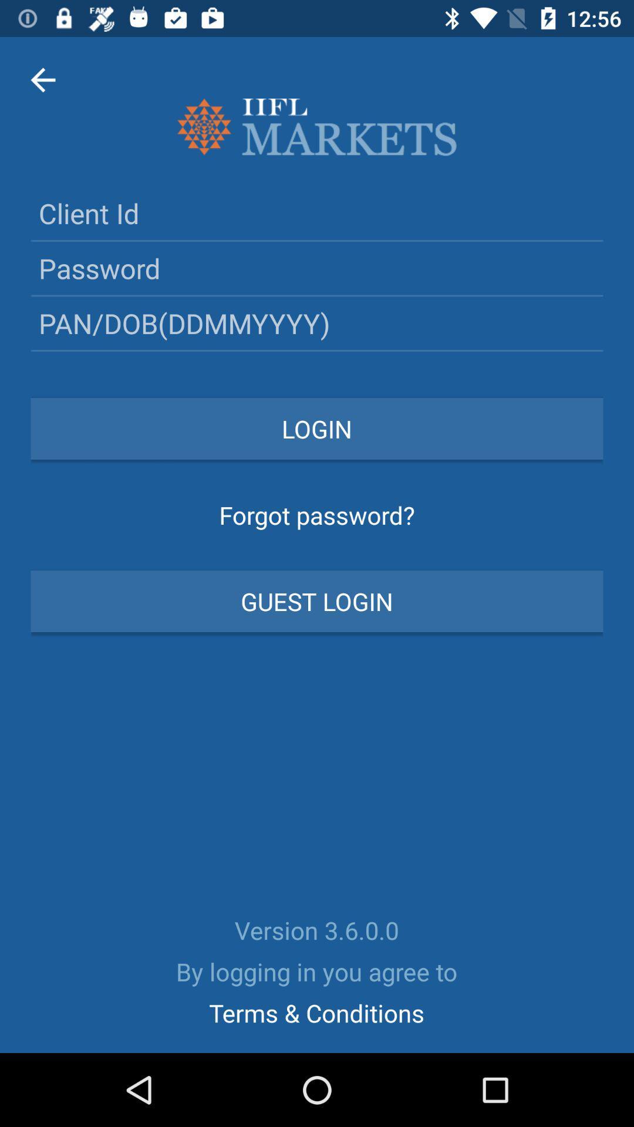 Image resolution: width=634 pixels, height=1127 pixels. What do you see at coordinates (317, 323) in the screenshot?
I see `pan date of birth` at bounding box center [317, 323].